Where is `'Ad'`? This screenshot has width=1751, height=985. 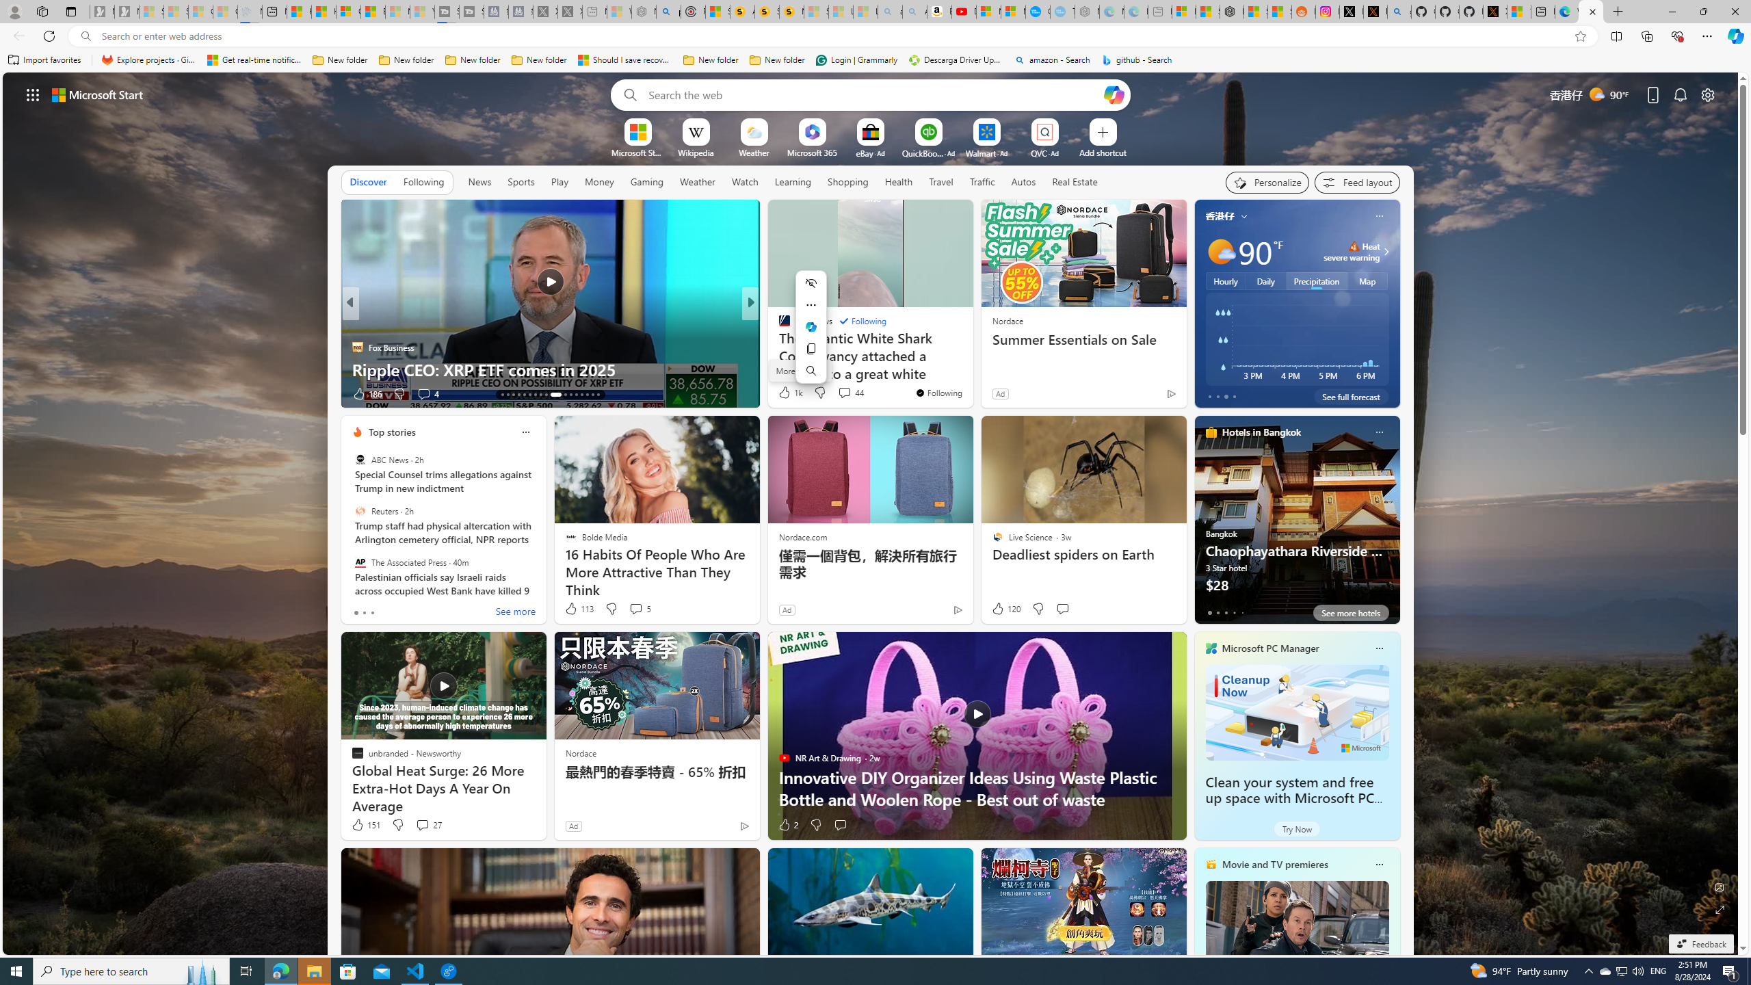 'Ad' is located at coordinates (572, 825).